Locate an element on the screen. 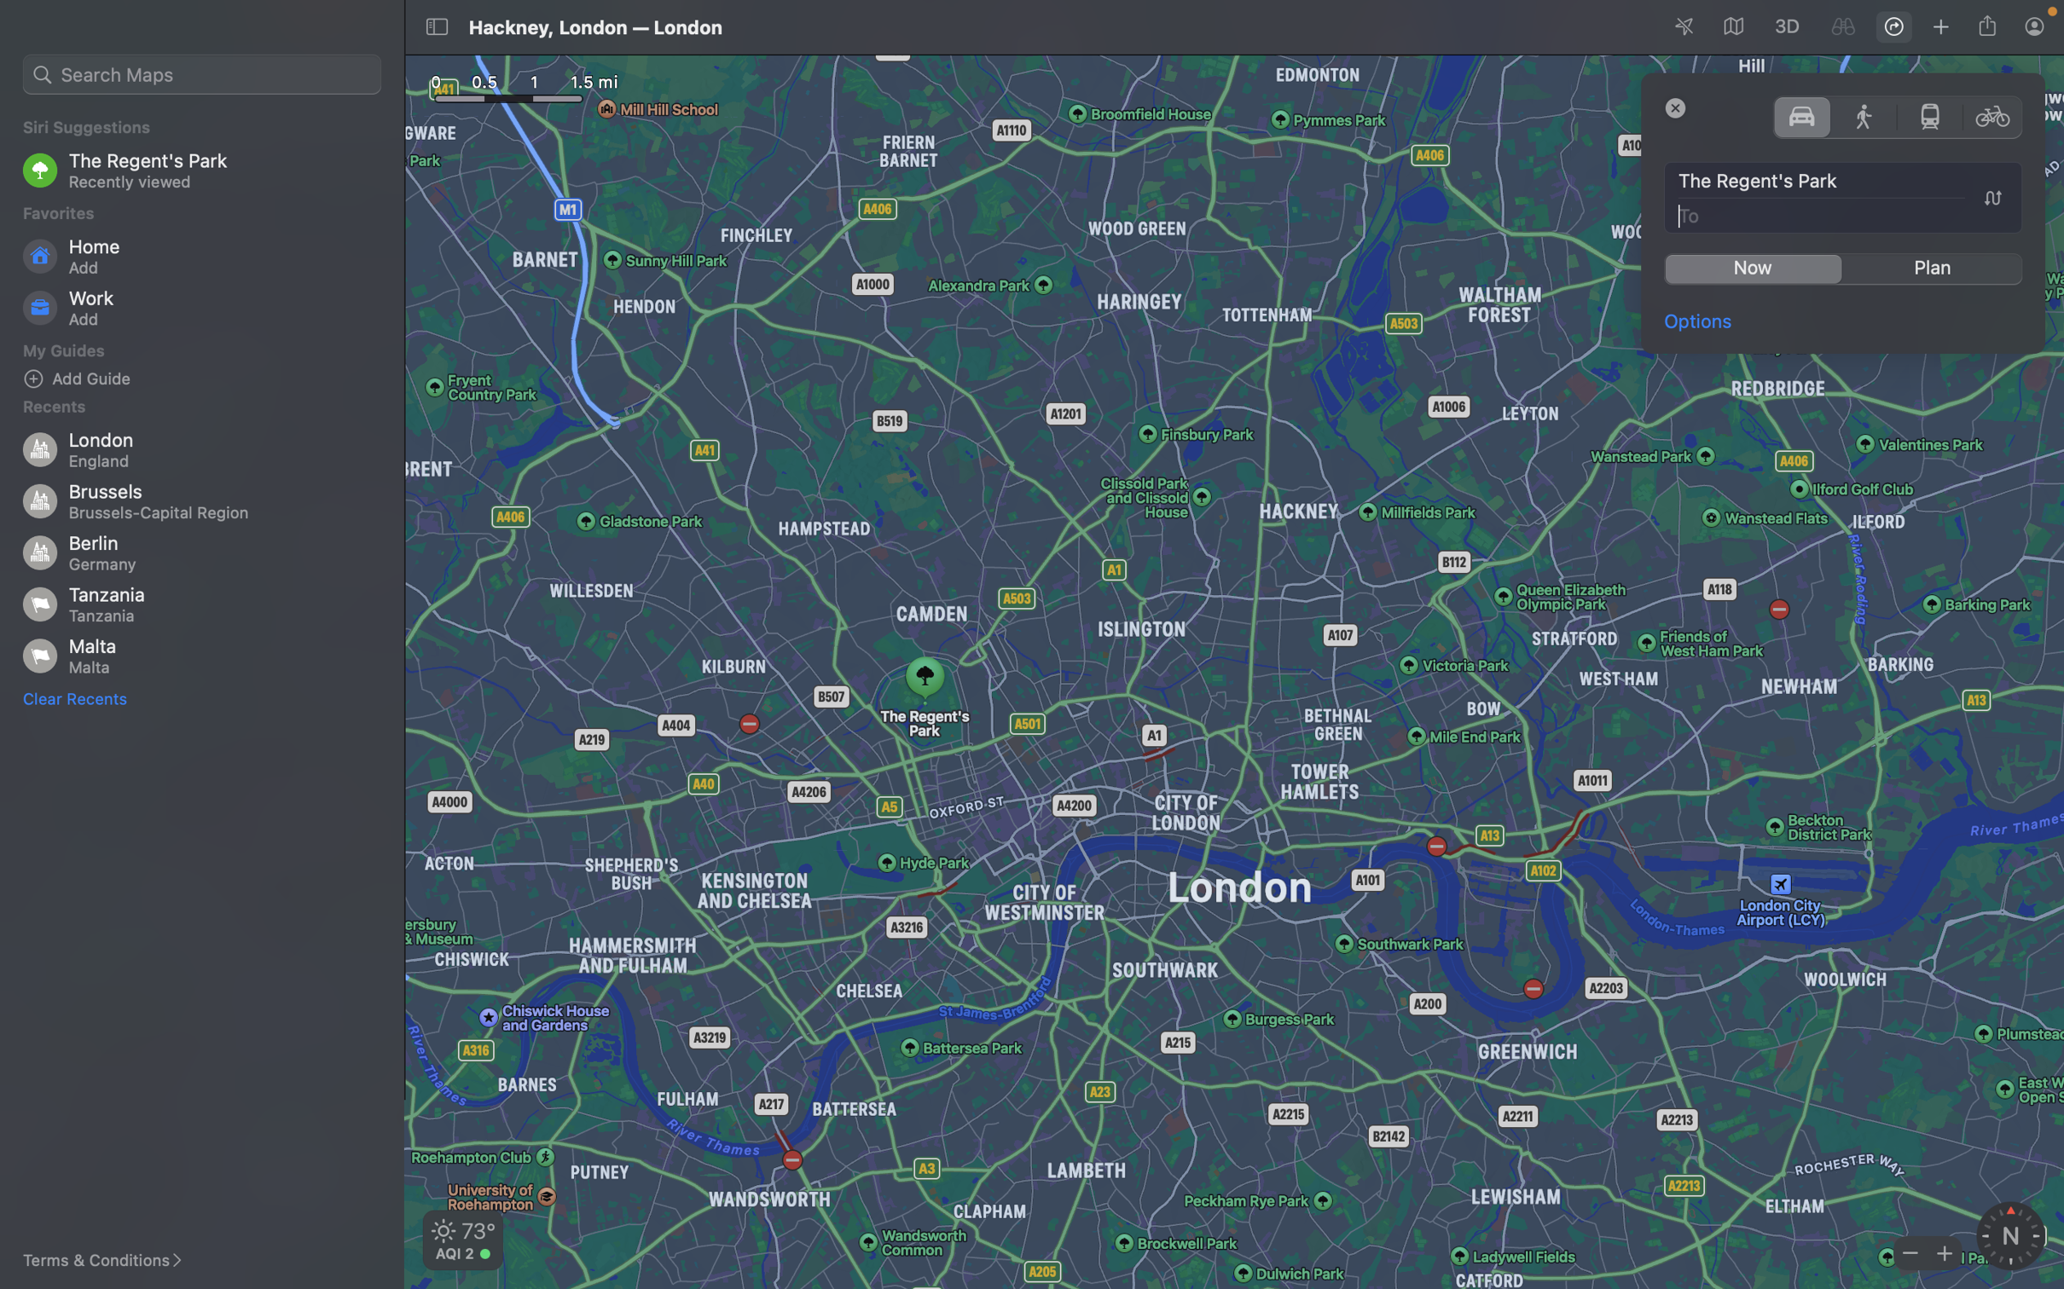 Image resolution: width=2064 pixels, height=1289 pixels. the "start location" field to enter a starting location is located at coordinates (1844, 182).